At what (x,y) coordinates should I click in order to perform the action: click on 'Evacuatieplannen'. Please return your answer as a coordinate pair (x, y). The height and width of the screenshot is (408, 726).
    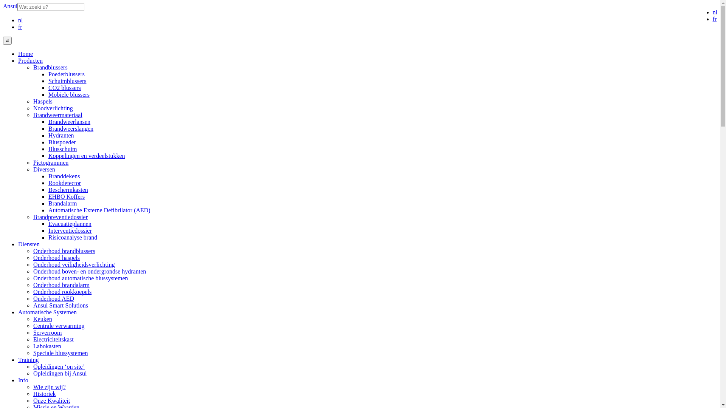
    Looking at the image, I should click on (70, 223).